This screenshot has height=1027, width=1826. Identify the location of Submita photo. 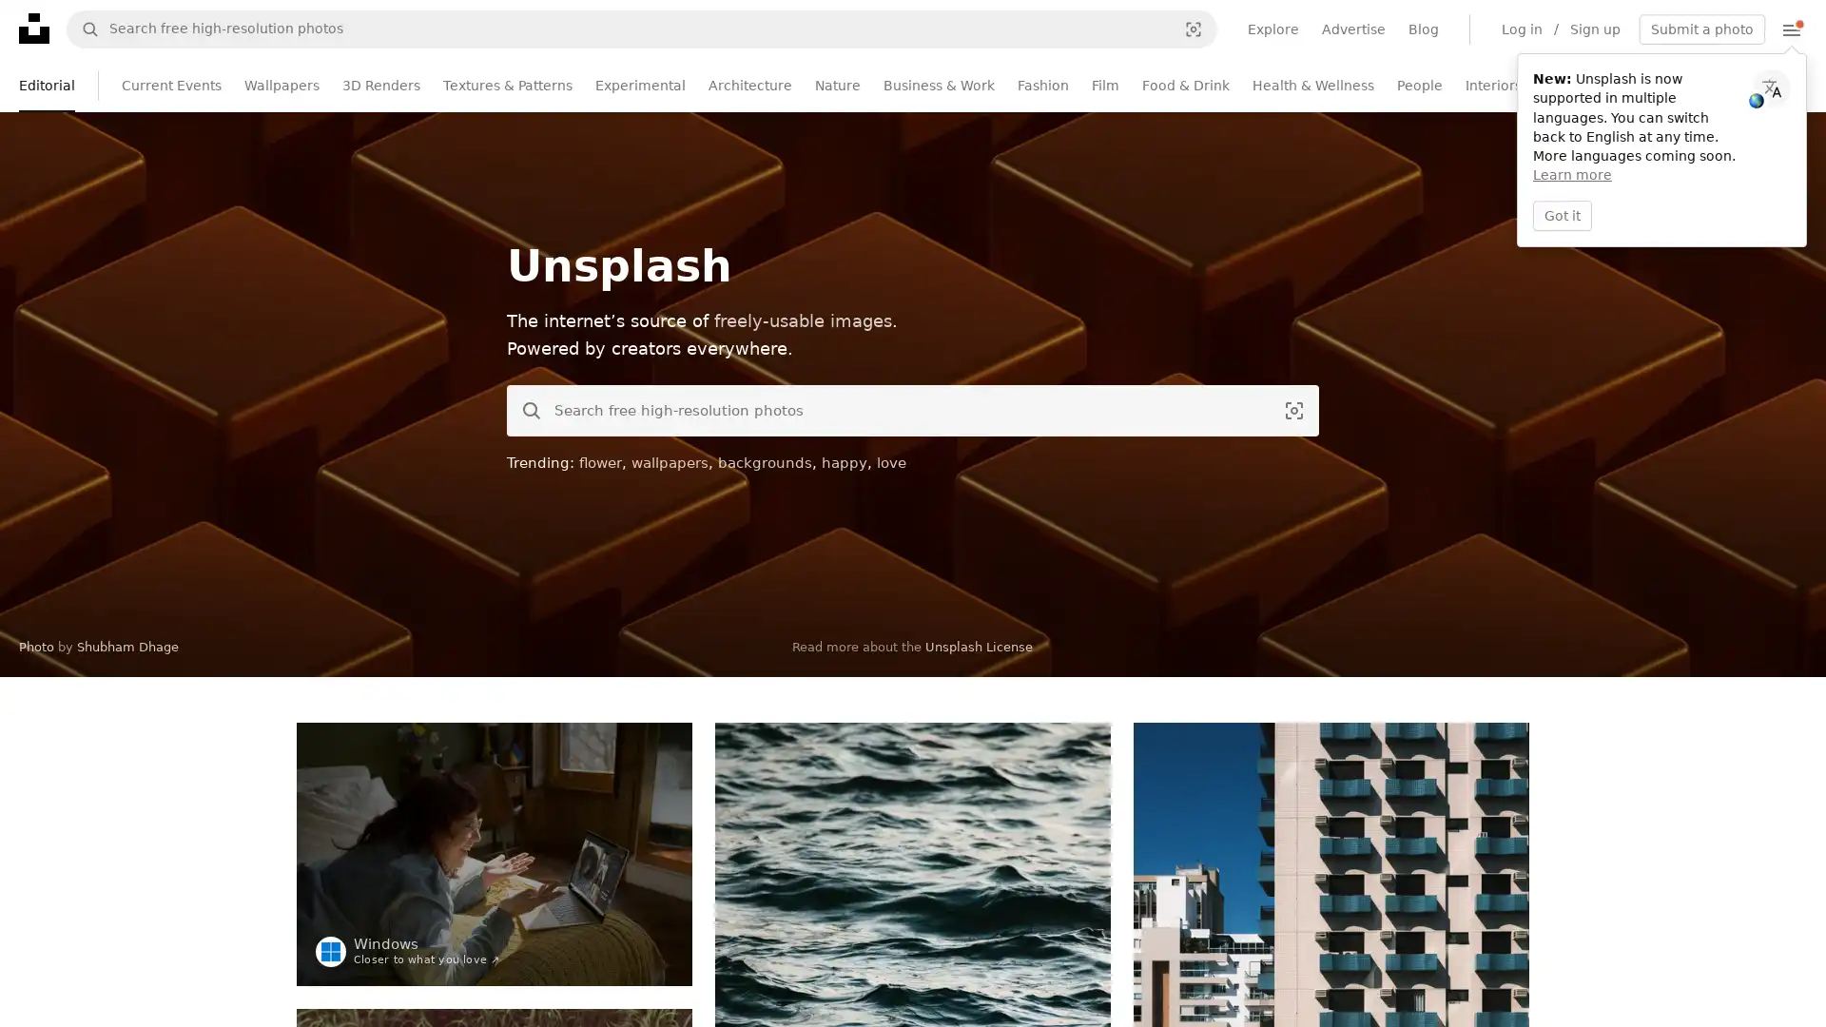
(1702, 29).